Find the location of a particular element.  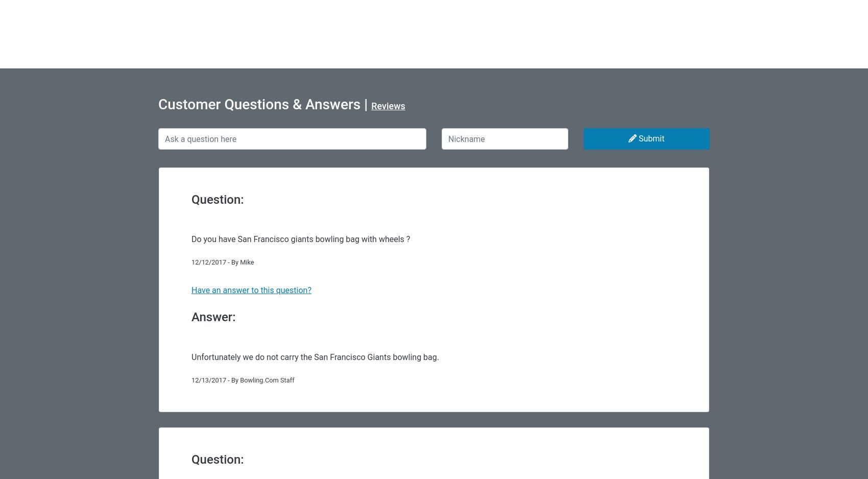

'12/12/2017 - By' is located at coordinates (215, 261).